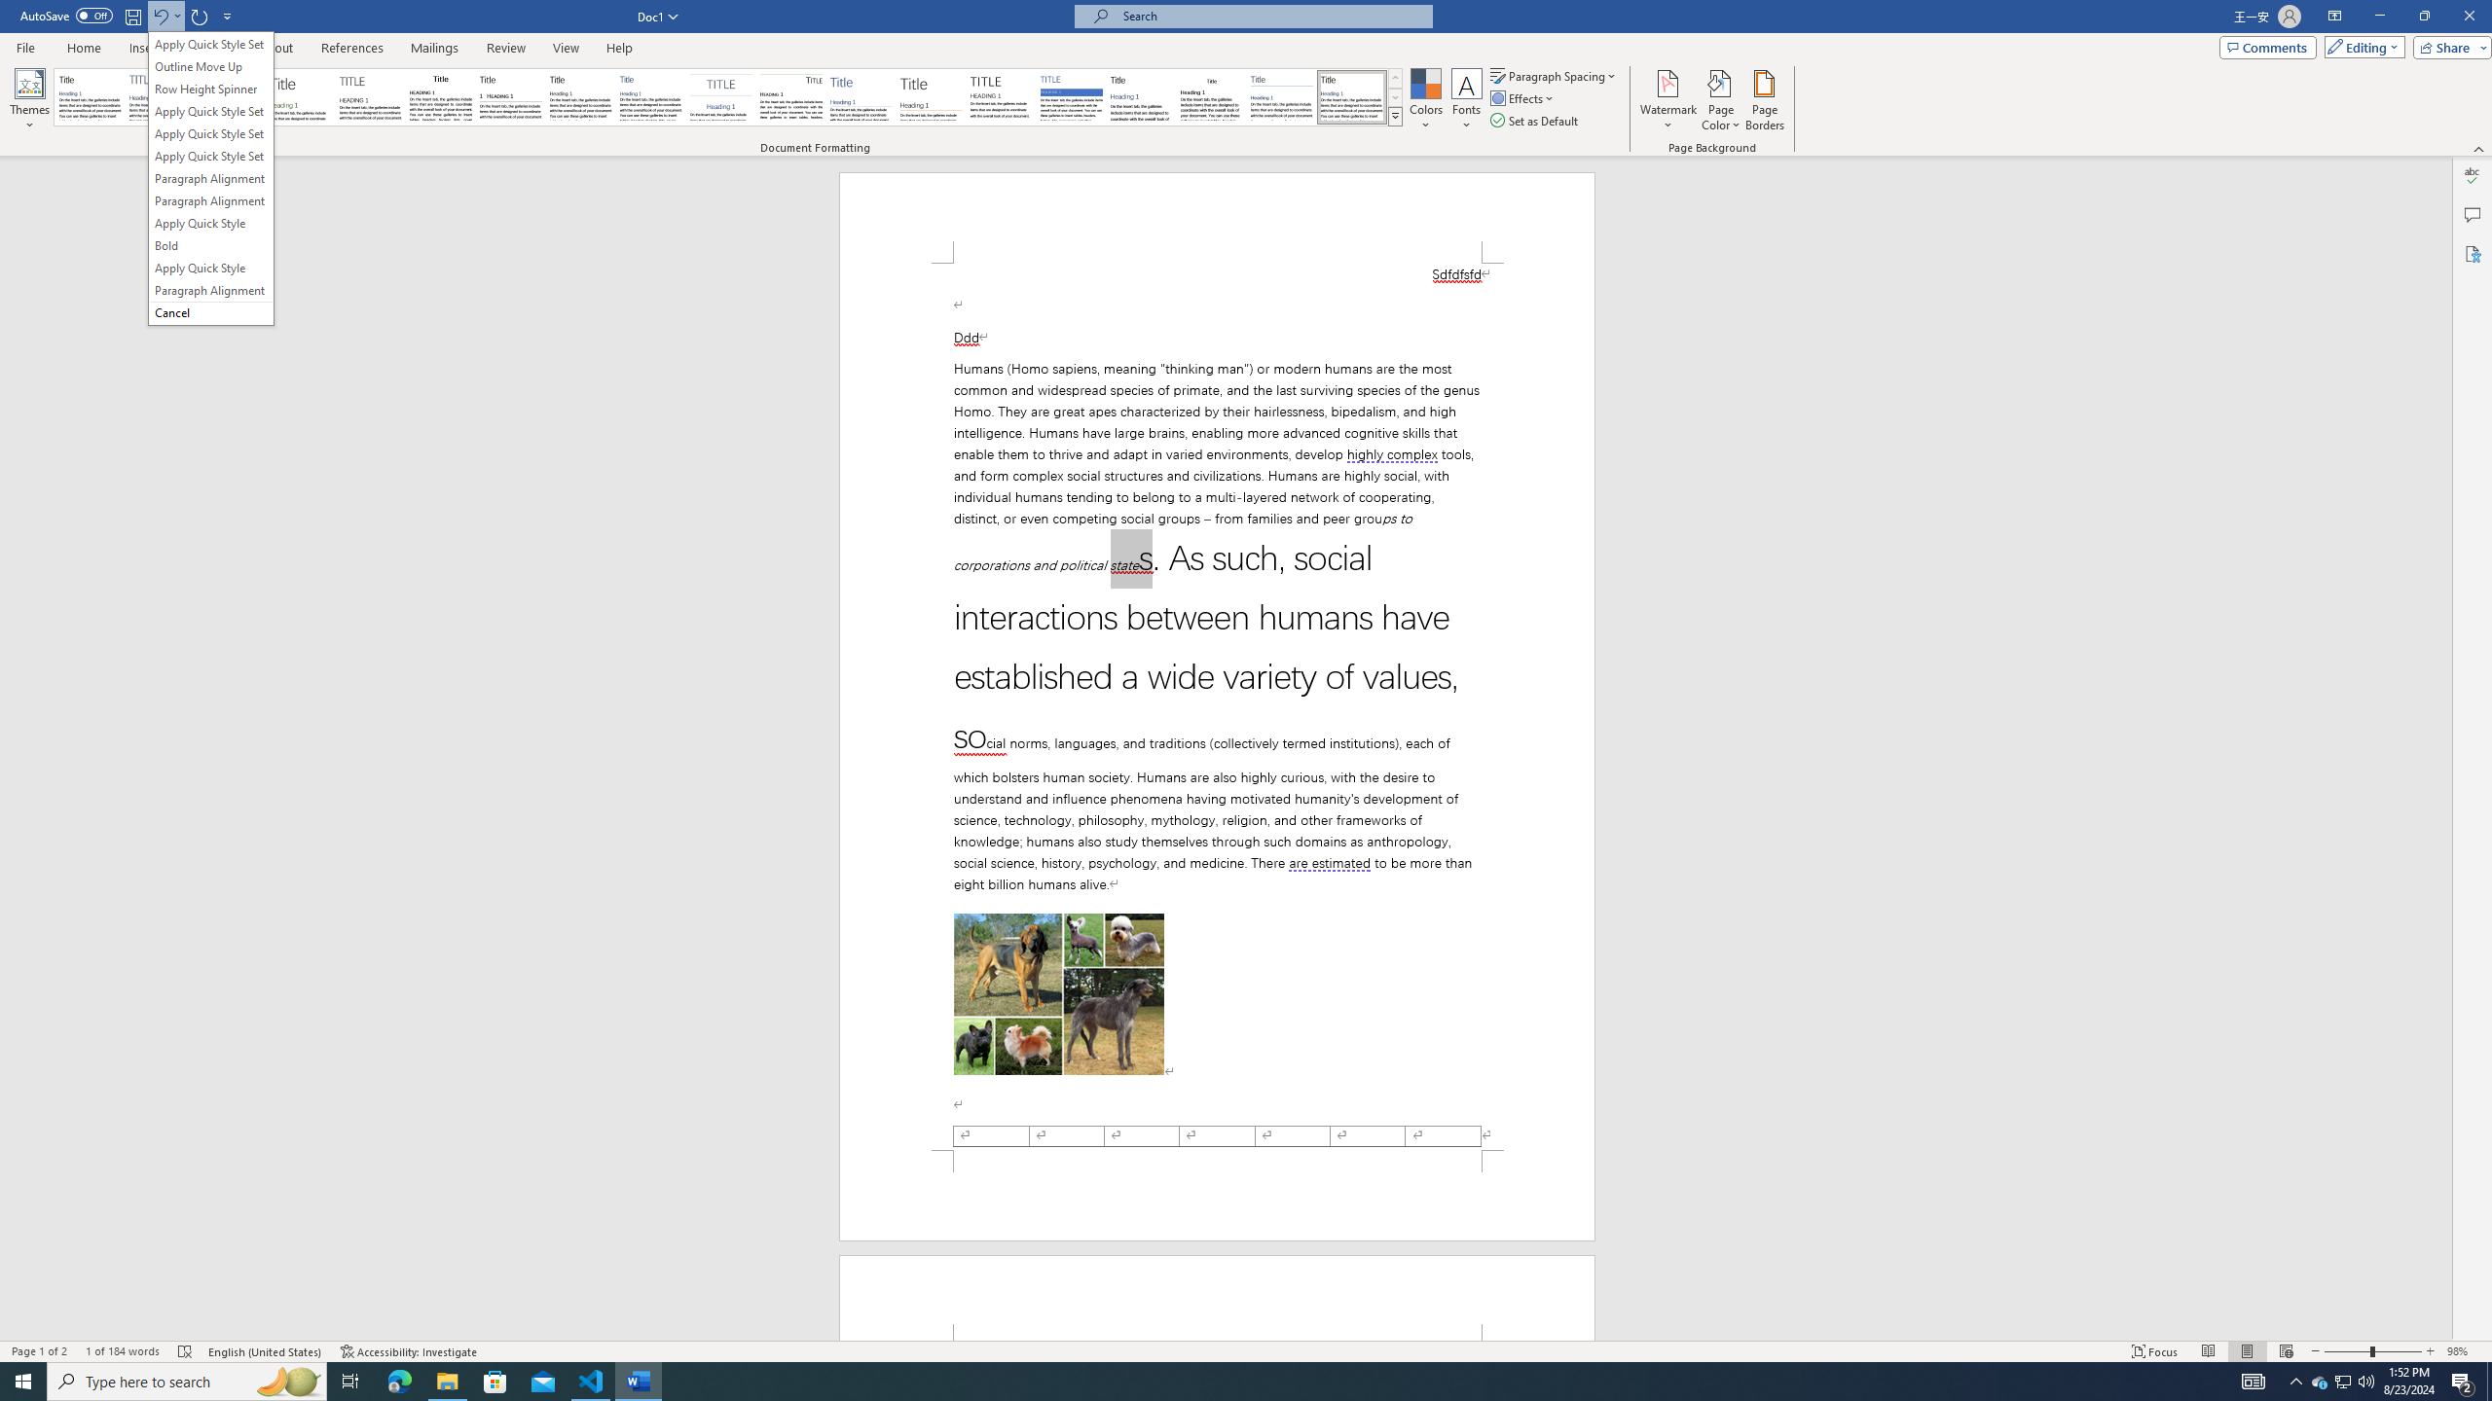 This screenshot has height=1401, width=2492. Describe the element at coordinates (1217, 705) in the screenshot. I see `'Page 1 content'` at that location.